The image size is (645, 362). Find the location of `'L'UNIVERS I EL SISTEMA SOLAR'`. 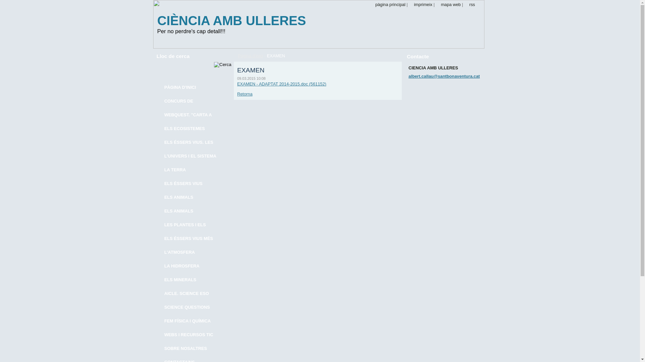

'L'UNIVERS I EL SISTEMA SOLAR' is located at coordinates (188, 156).